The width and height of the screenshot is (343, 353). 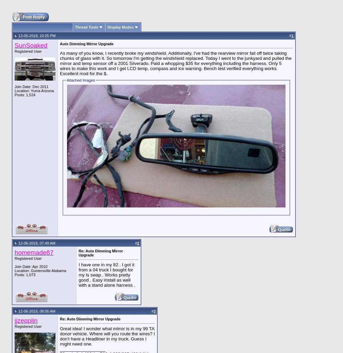 What do you see at coordinates (138, 242) in the screenshot?
I see `'2'` at bounding box center [138, 242].